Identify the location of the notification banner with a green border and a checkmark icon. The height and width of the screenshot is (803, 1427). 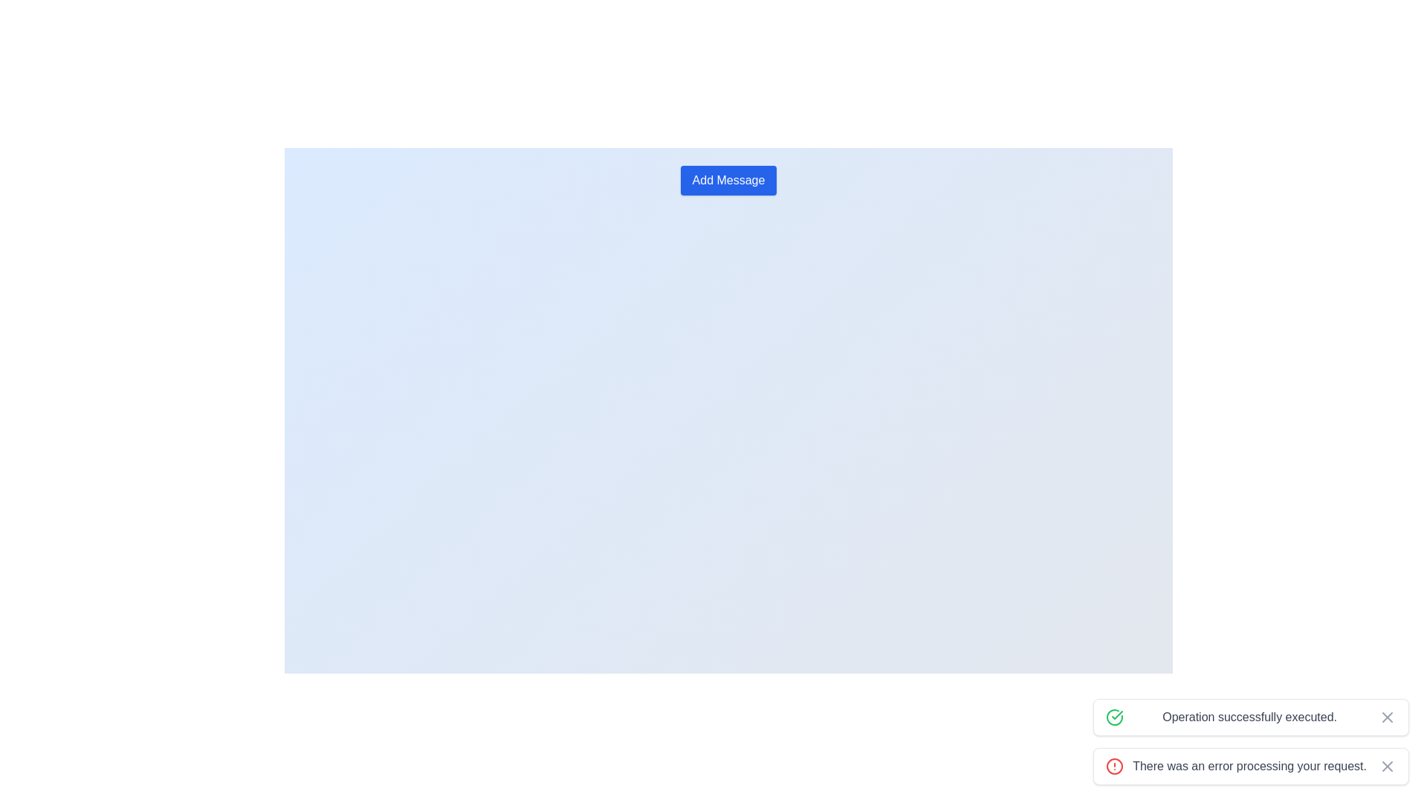
(1250, 716).